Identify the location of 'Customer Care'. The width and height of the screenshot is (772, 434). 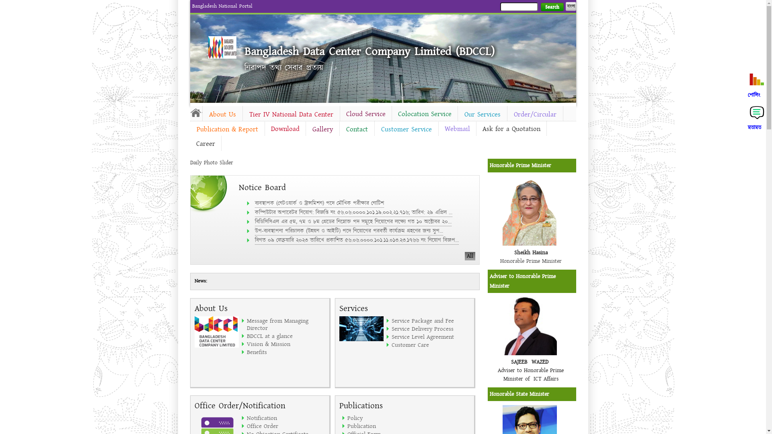
(430, 344).